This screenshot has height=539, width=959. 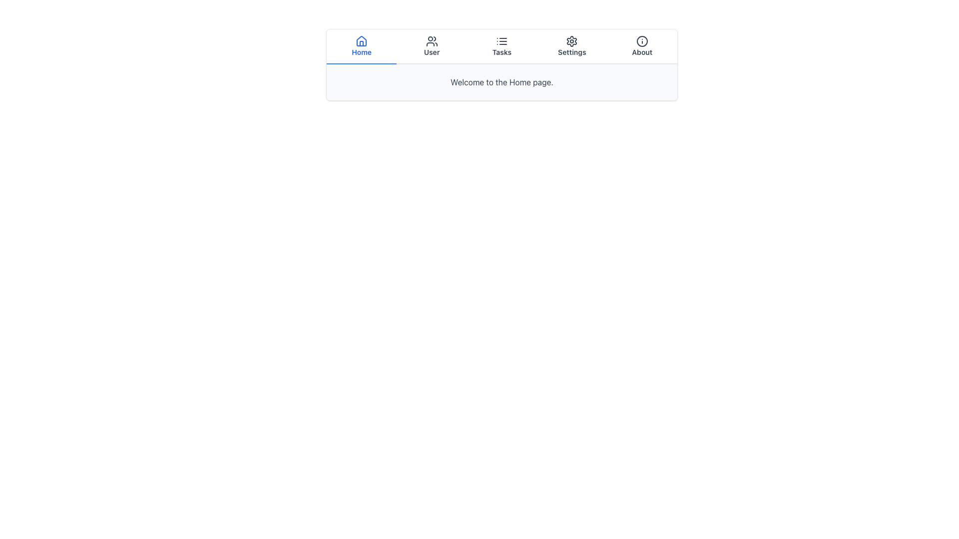 I want to click on the second tab in the top navigation bar, so click(x=432, y=46).